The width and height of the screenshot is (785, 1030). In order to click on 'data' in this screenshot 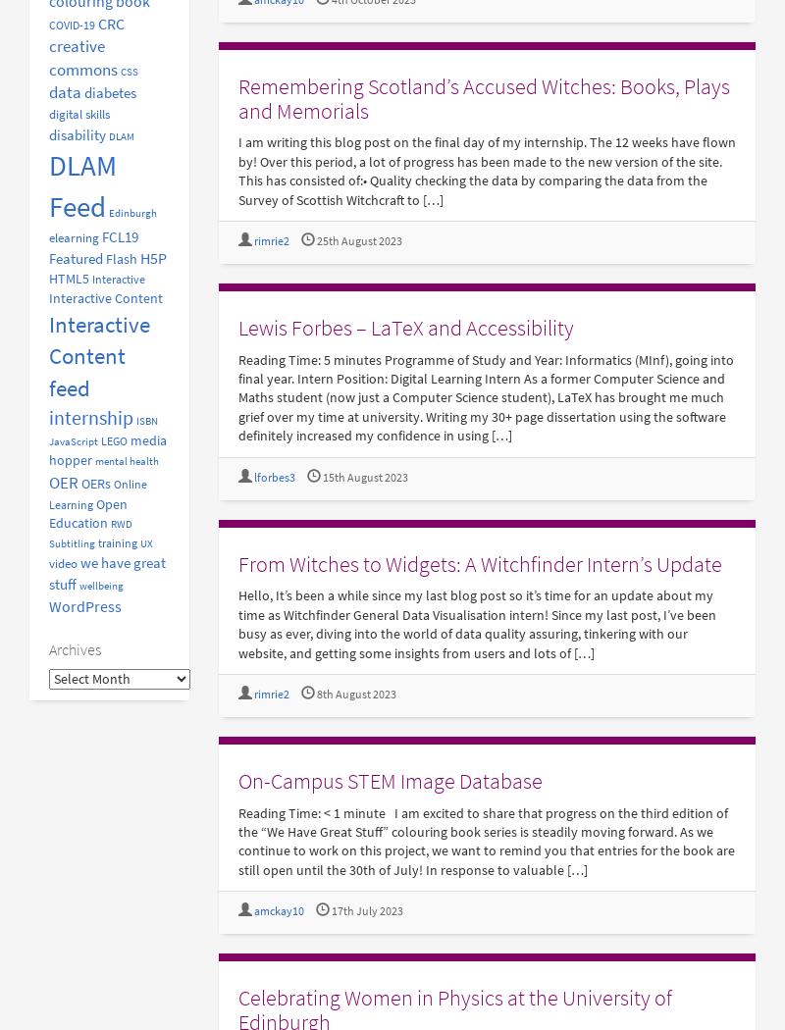, I will do `click(64, 92)`.